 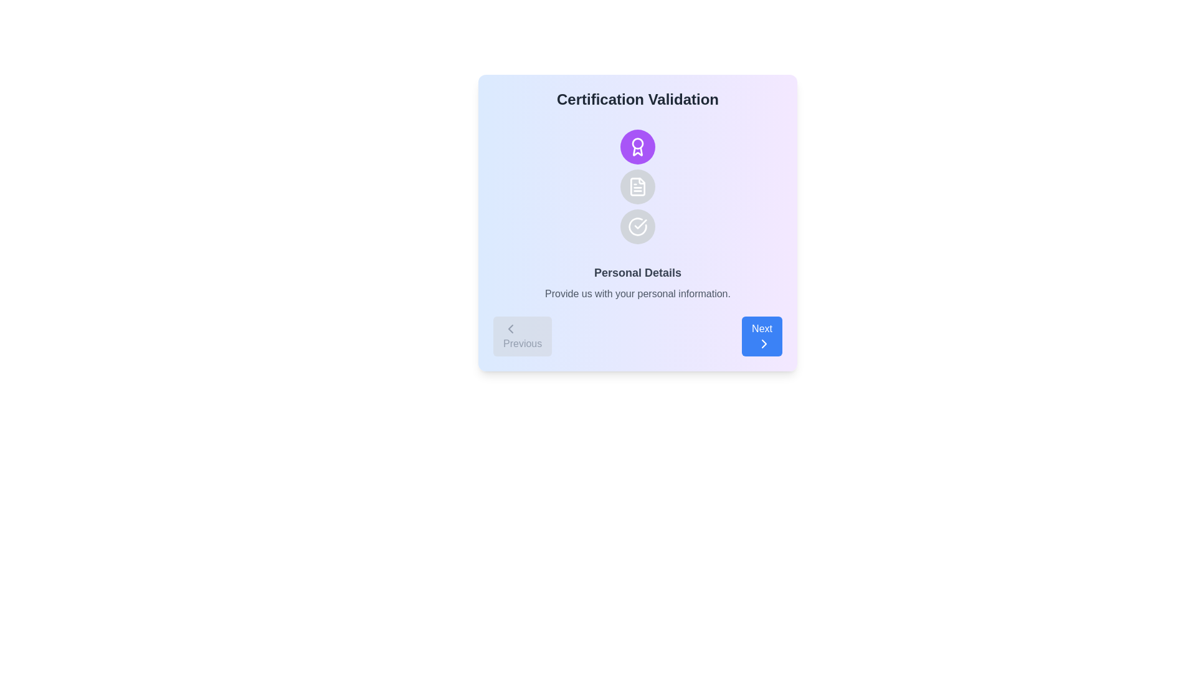 What do you see at coordinates (637, 272) in the screenshot?
I see `the 'Personal Details' text heading displayed in bold, large font with dark gray color, positioned centrally above the subtitle in the main content section` at bounding box center [637, 272].